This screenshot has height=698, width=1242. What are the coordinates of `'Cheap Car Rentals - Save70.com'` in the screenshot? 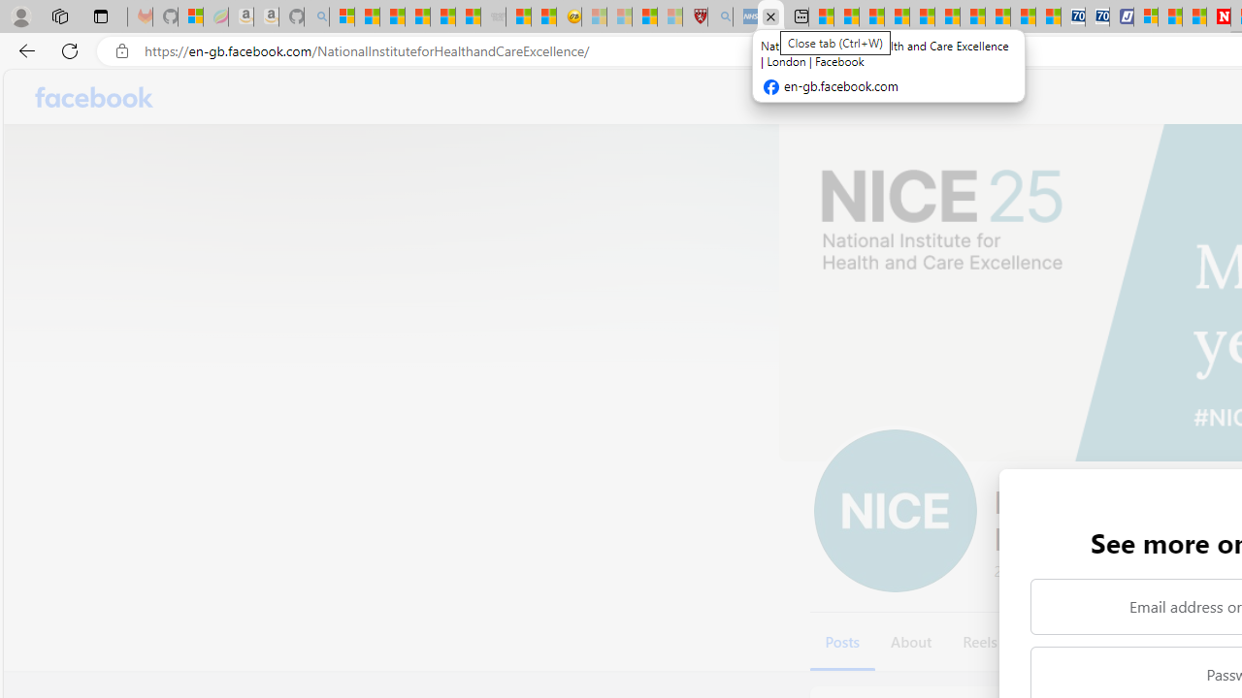 It's located at (1071, 16).